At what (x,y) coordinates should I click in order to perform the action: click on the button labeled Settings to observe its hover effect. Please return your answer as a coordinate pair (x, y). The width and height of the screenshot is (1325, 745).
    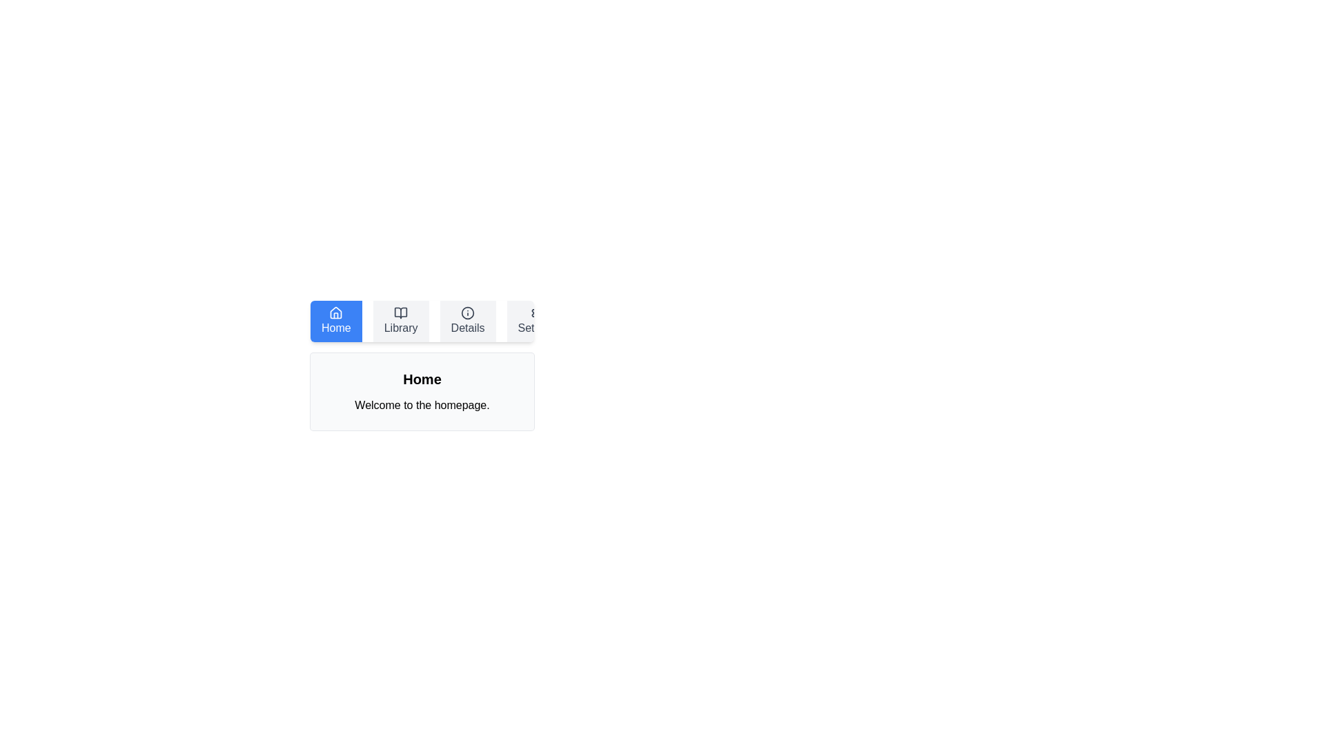
    Looking at the image, I should click on (537, 321).